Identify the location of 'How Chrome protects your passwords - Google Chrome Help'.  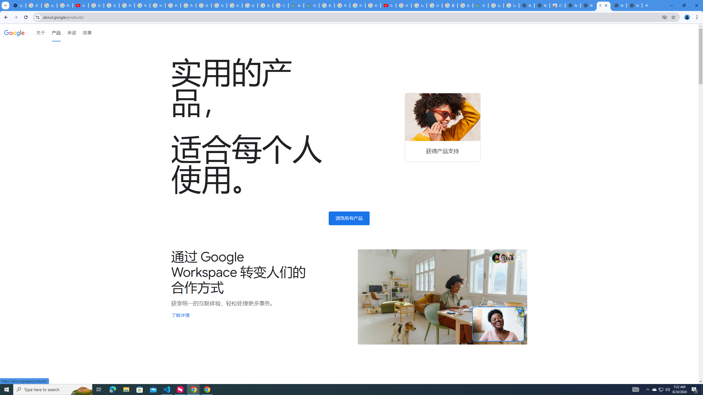
(403, 5).